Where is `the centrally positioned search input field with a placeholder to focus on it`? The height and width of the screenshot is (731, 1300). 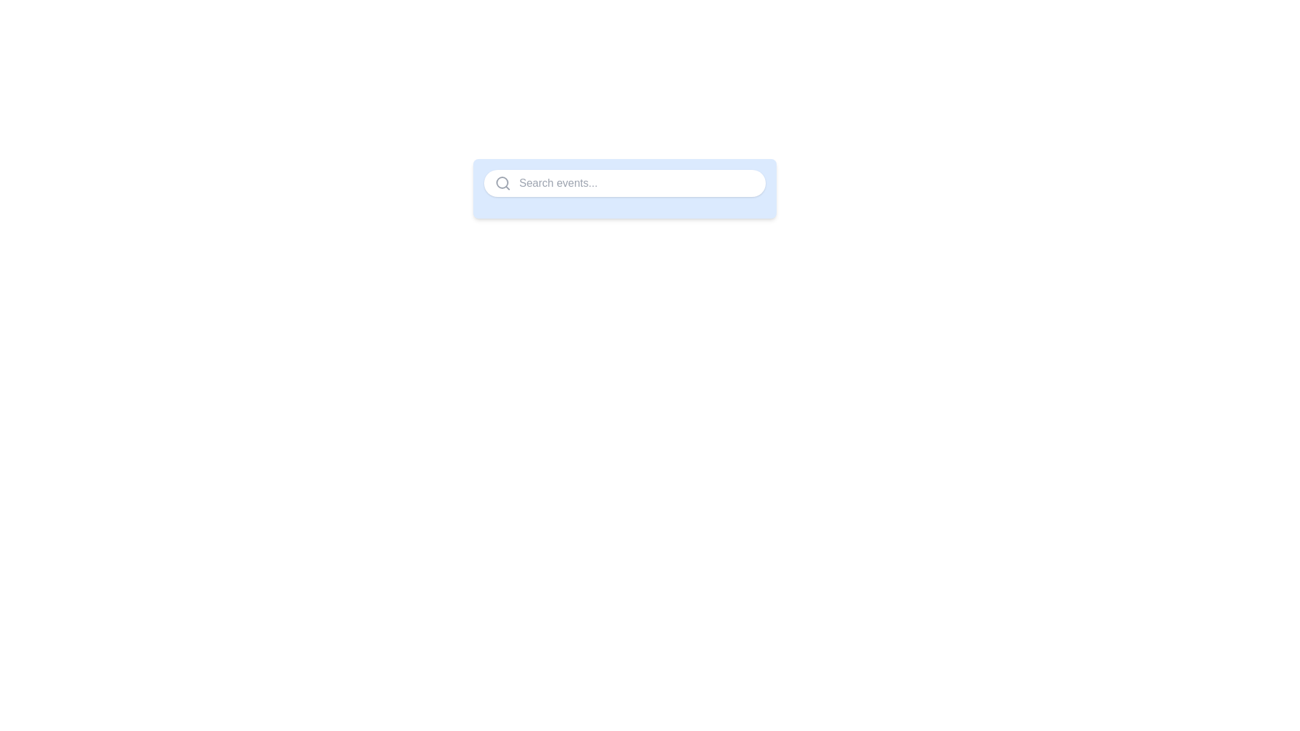 the centrally positioned search input field with a placeholder to focus on it is located at coordinates (624, 183).